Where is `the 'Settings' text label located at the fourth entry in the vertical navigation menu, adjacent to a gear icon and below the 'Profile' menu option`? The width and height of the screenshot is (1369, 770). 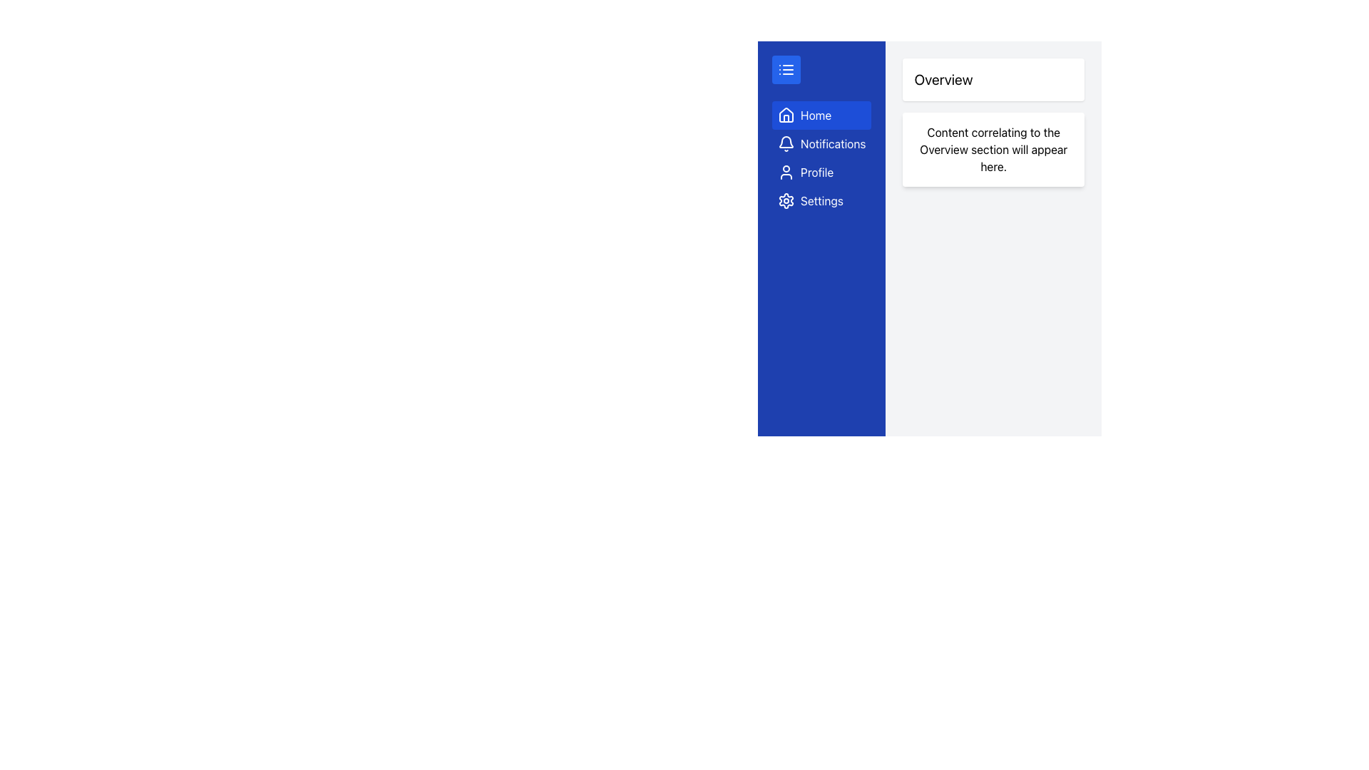
the 'Settings' text label located at the fourth entry in the vertical navigation menu, adjacent to a gear icon and below the 'Profile' menu option is located at coordinates (821, 200).